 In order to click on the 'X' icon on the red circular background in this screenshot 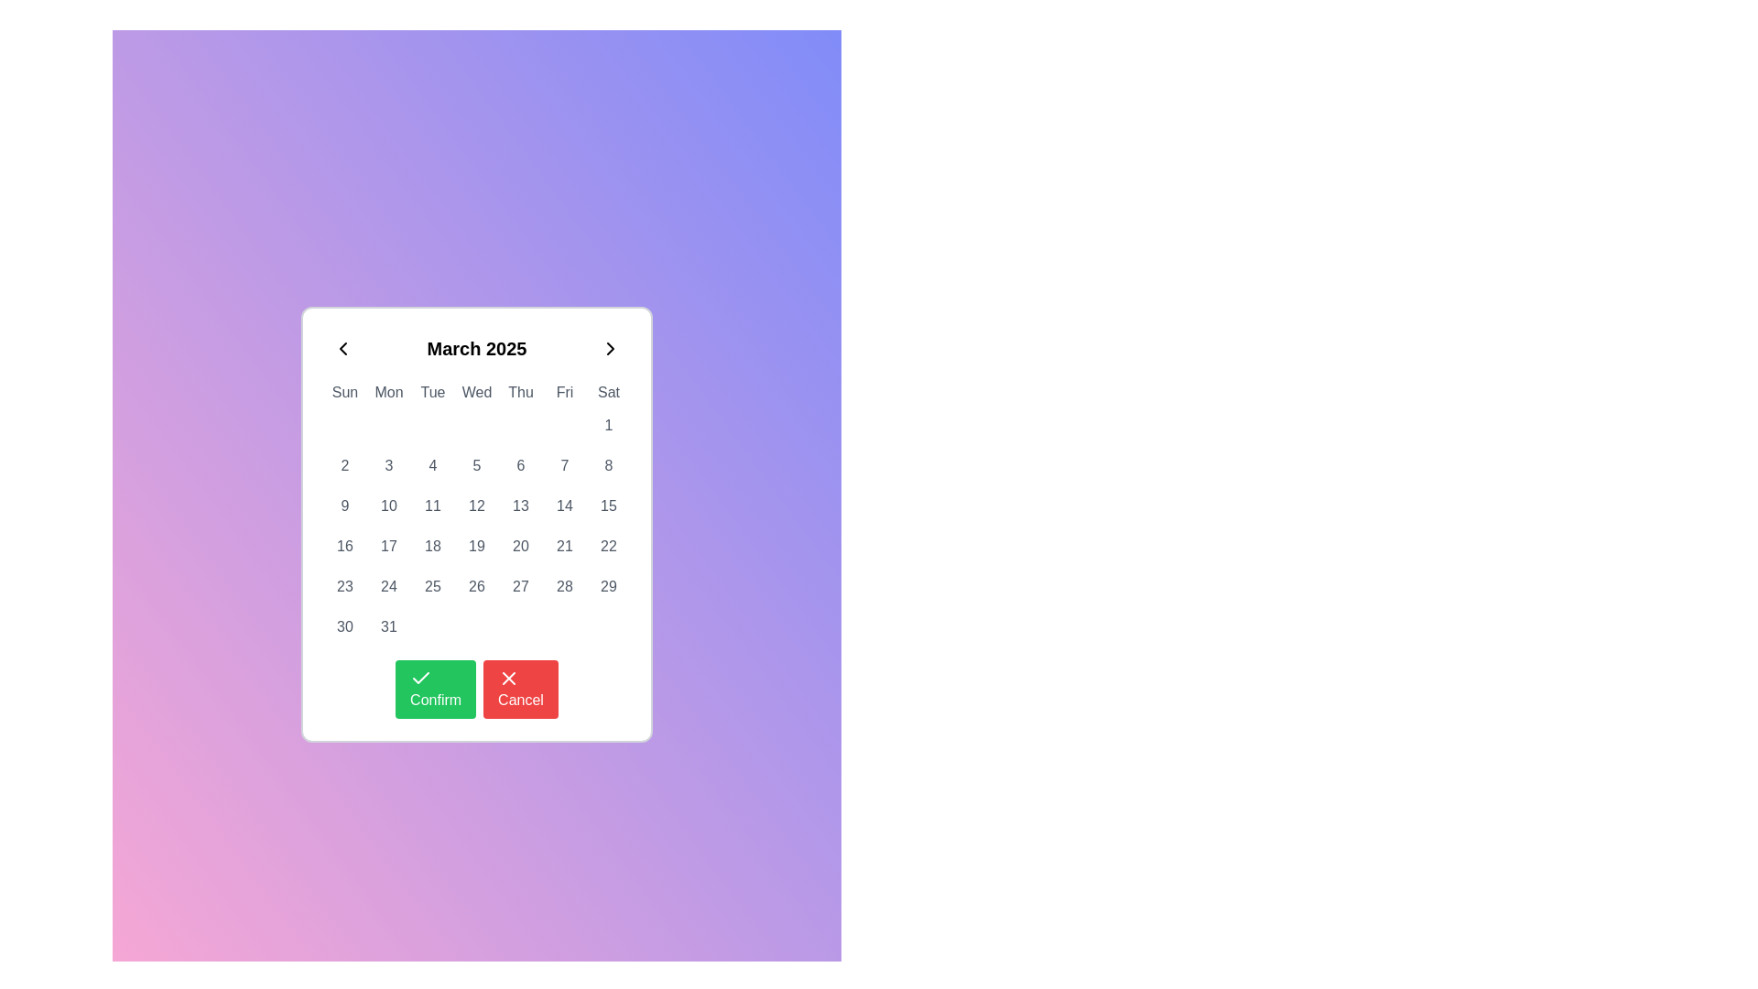, I will do `click(509, 678)`.